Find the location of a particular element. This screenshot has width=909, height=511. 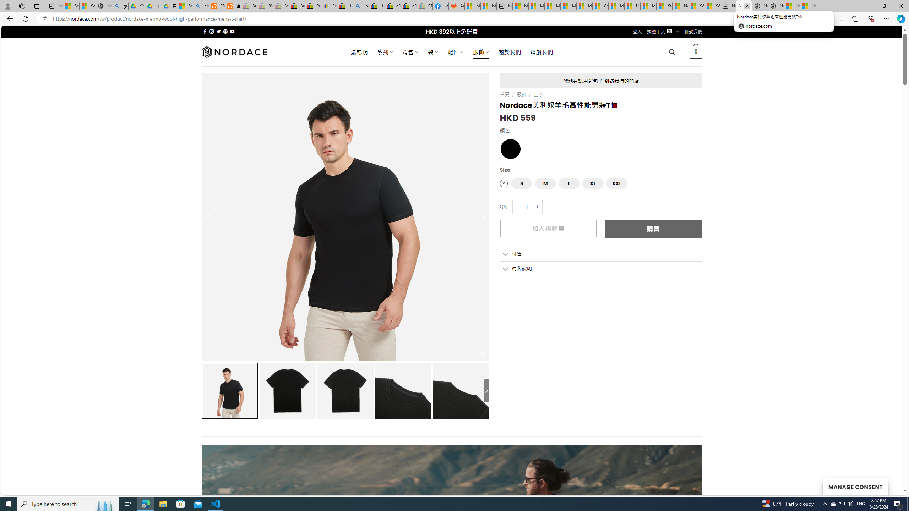

'?' is located at coordinates (504, 183).